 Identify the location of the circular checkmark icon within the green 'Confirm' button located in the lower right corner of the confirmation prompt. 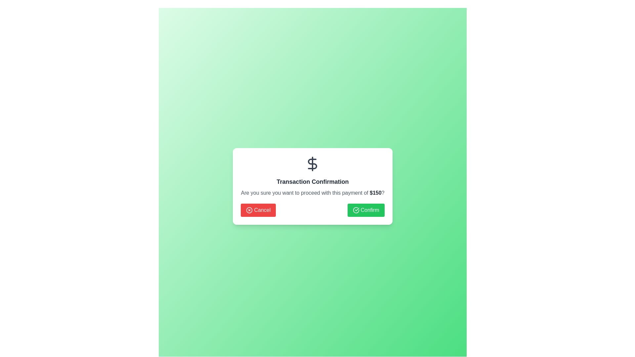
(356, 210).